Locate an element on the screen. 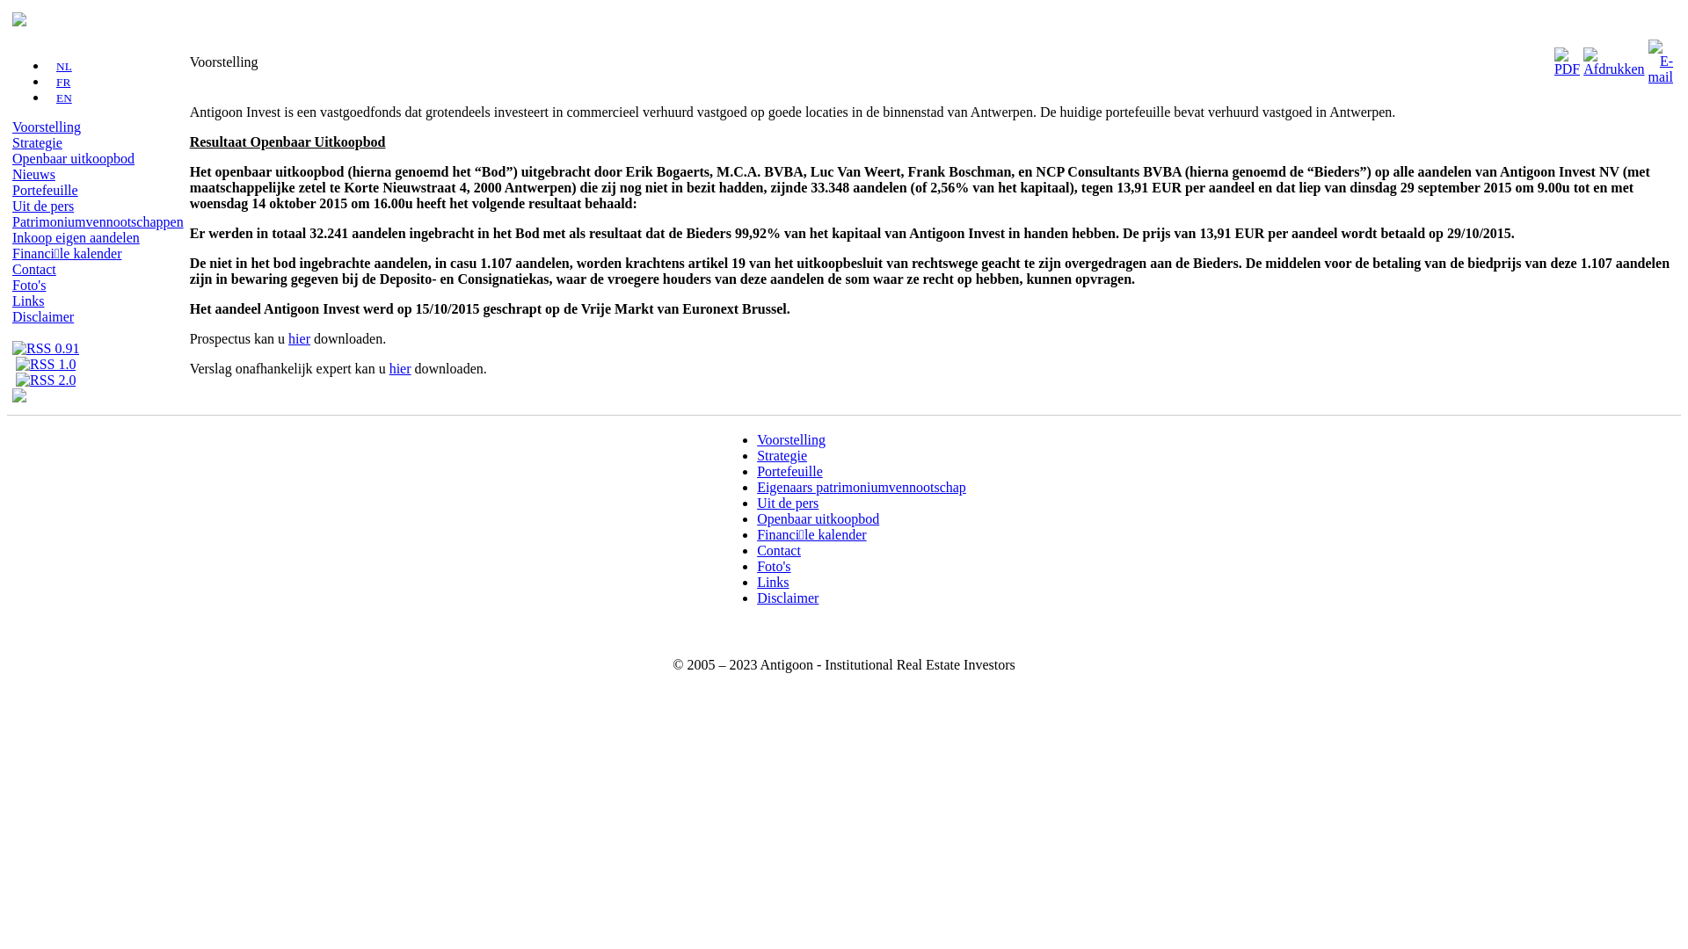 This screenshot has height=949, width=1688. 'Patrimoniumvennootschappen' is located at coordinates (97, 221).